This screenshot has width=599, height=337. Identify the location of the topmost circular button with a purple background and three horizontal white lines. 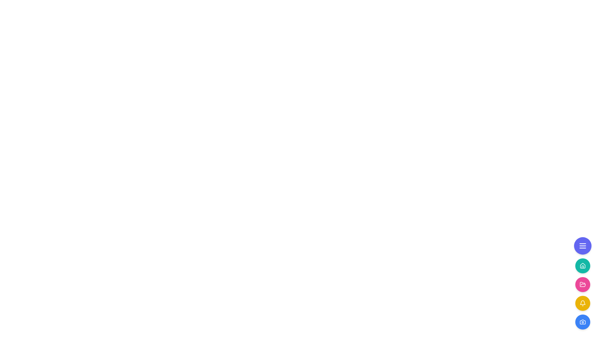
(582, 245).